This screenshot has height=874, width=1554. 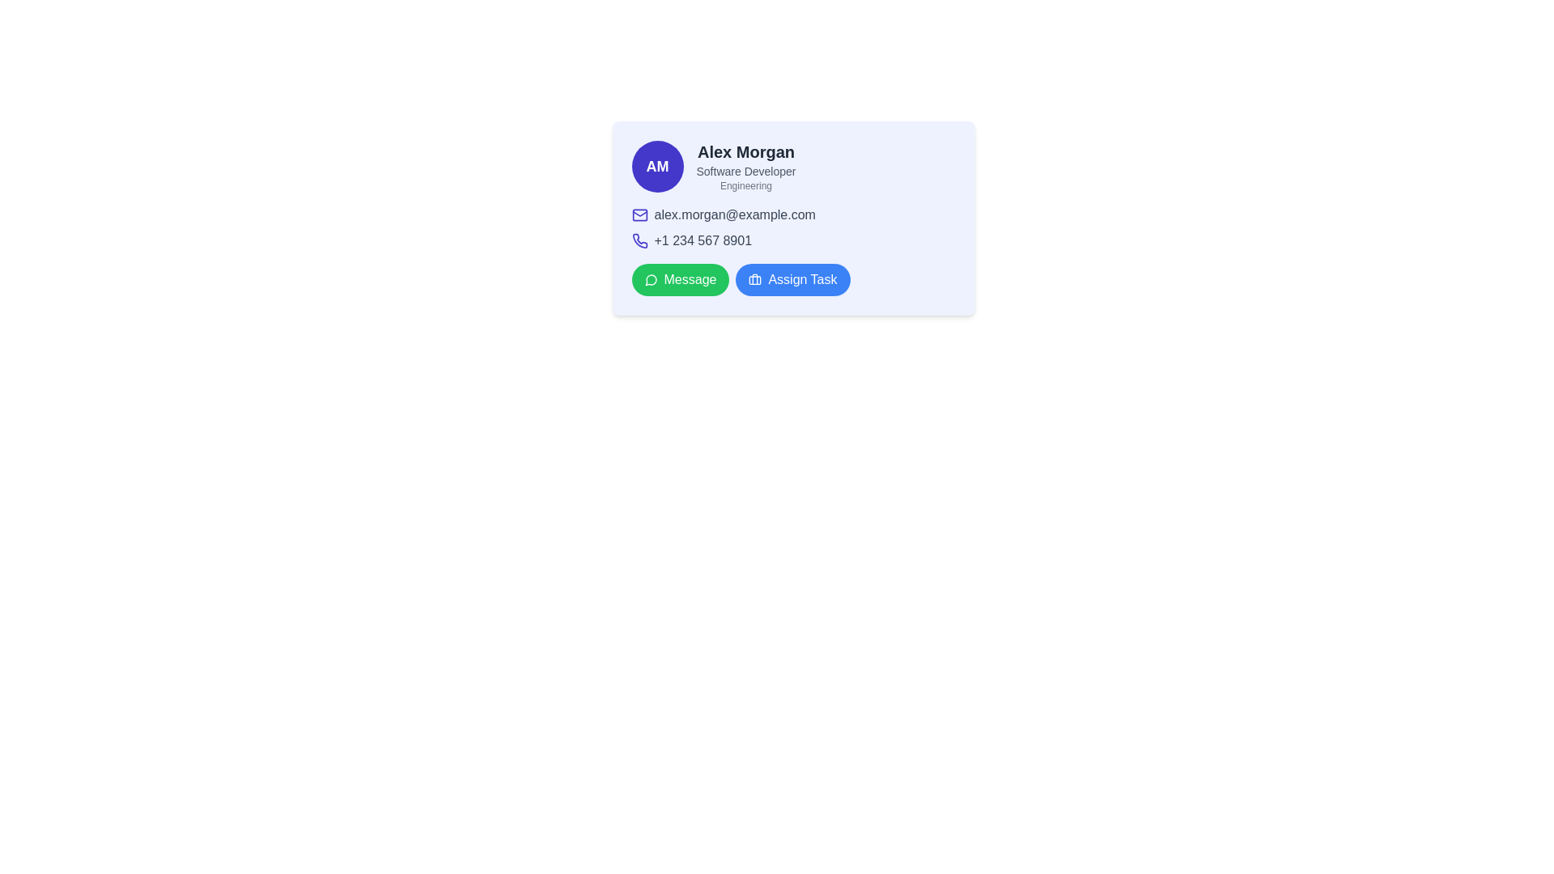 What do you see at coordinates (703, 240) in the screenshot?
I see `on the text display element showing the phone number '+1 234 567 8901'` at bounding box center [703, 240].